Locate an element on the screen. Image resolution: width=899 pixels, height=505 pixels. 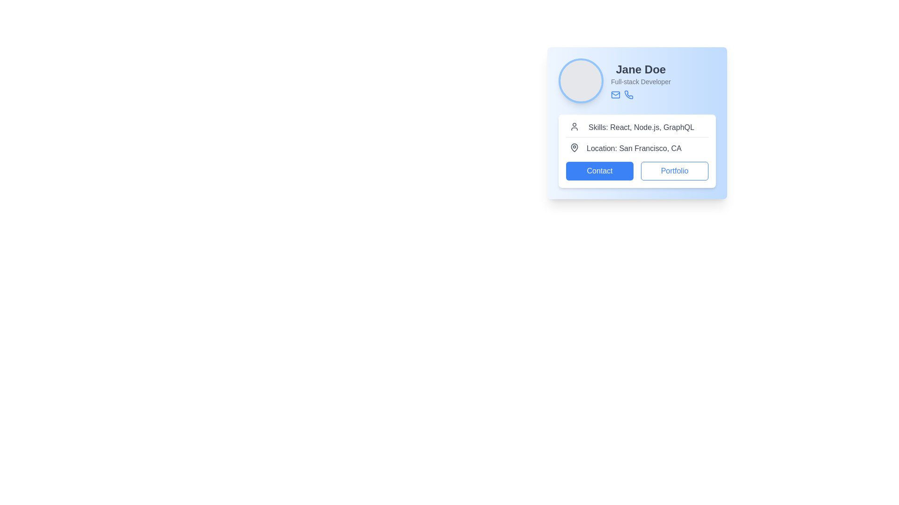
the avatar placeholder representing the user, located to the left of 'Jane Doe' and 'Full-stack Developer' in the profile card is located at coordinates (581, 80).